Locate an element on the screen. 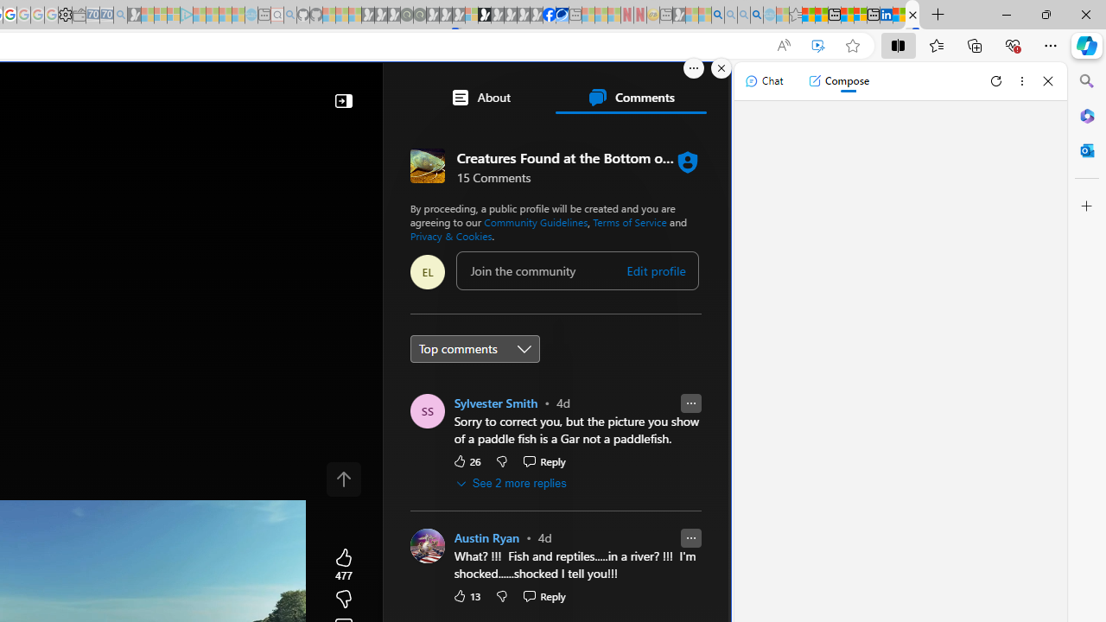  'Report comment' is located at coordinates (690, 537).